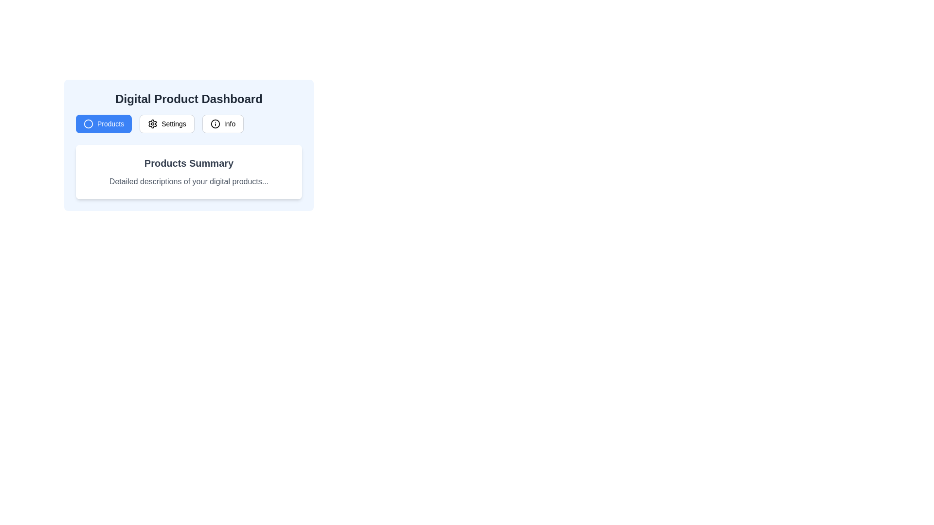  What do you see at coordinates (222, 123) in the screenshot?
I see `the 'Info' button, which is the third button in a row of three, featuring a white background and a rounded corner design` at bounding box center [222, 123].